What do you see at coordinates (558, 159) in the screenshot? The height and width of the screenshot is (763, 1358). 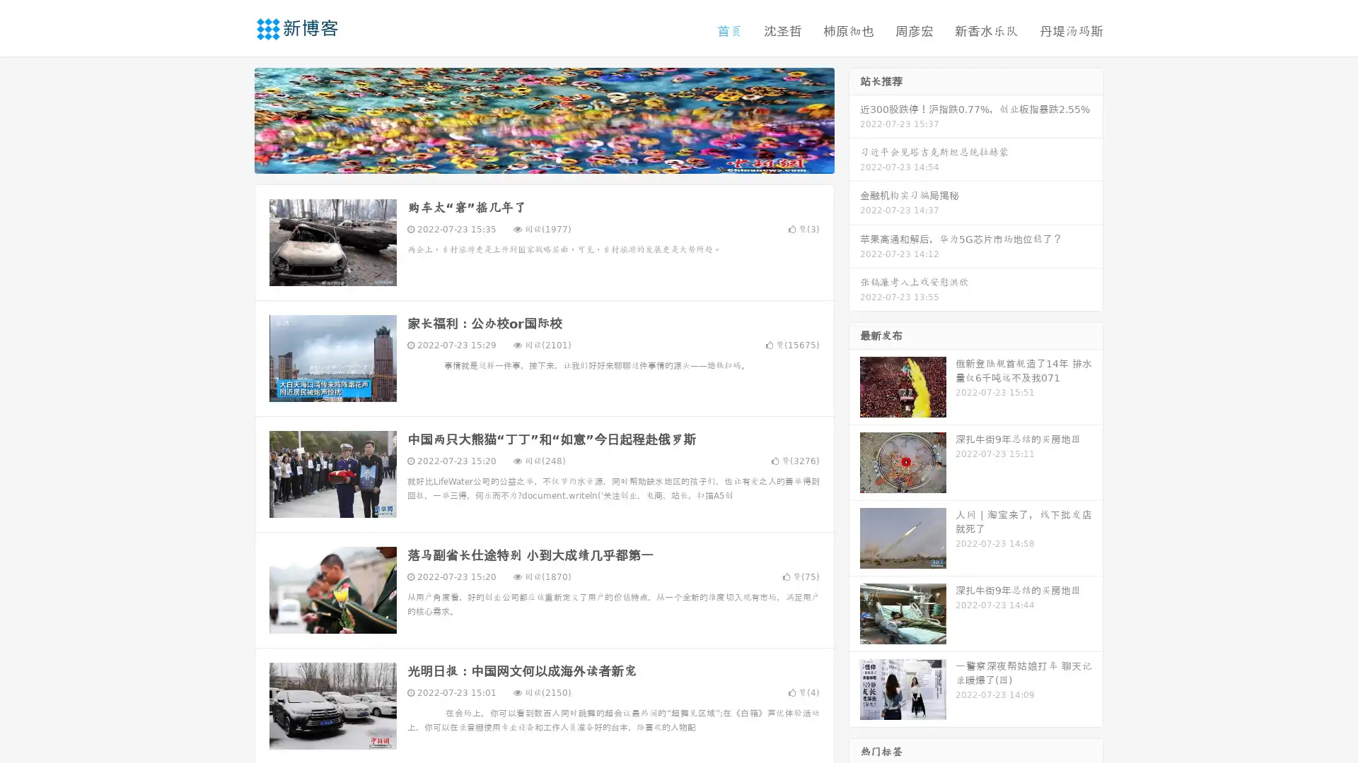 I see `Go to slide 3` at bounding box center [558, 159].